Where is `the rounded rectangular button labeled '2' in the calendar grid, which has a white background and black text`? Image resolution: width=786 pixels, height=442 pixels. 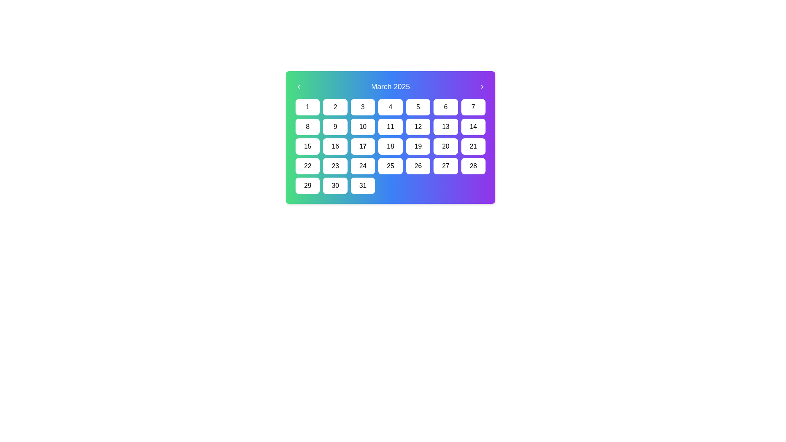 the rounded rectangular button labeled '2' in the calendar grid, which has a white background and black text is located at coordinates (335, 107).